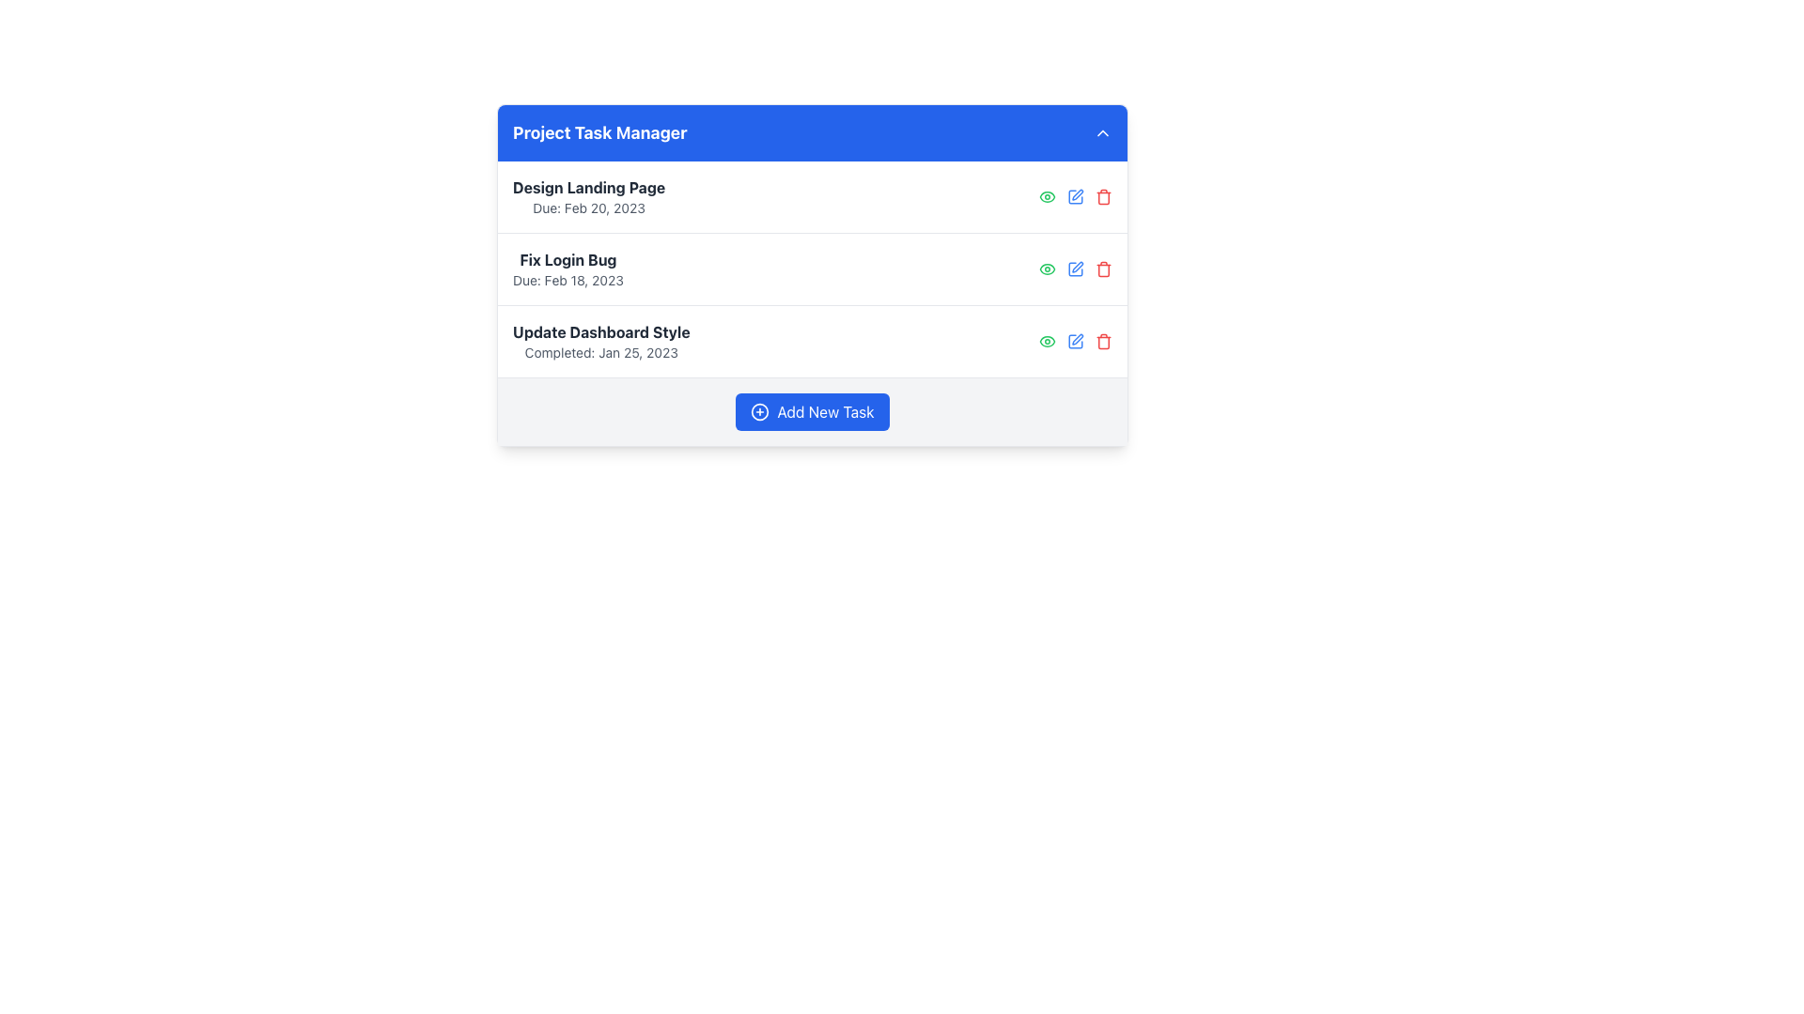  I want to click on the static text element displaying 'Due: Feb 20, 2023', which is positioned below the task title 'Design Landing Page', so click(588, 208).